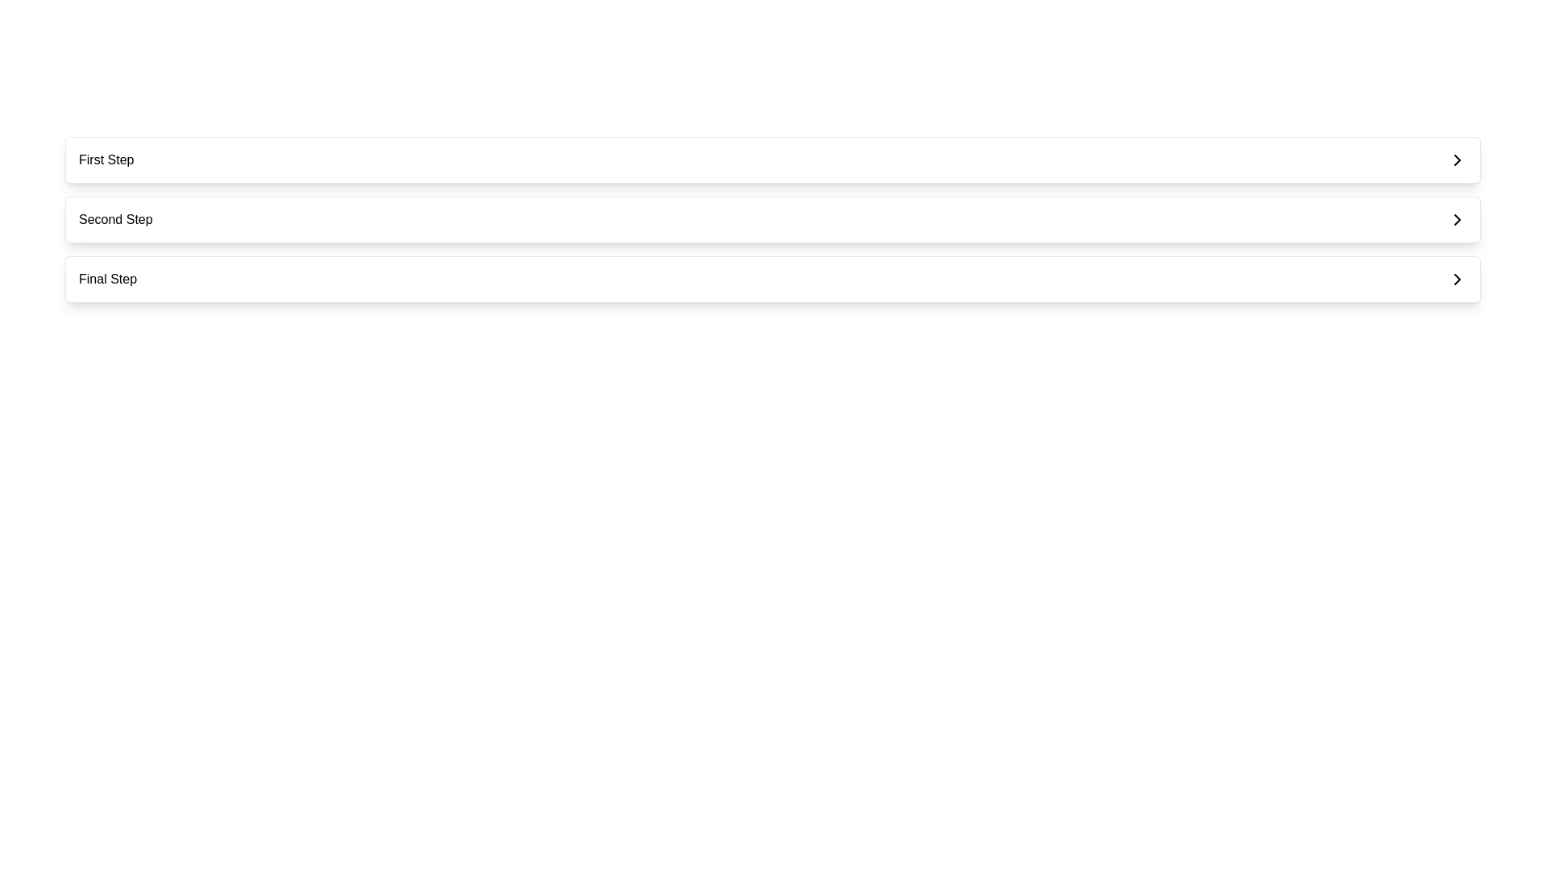 The height and width of the screenshot is (870, 1547). Describe the element at coordinates (1458, 160) in the screenshot. I see `the chevron icon located to the extreme right of the 'First Step' list item to proceed or expand the section` at that location.